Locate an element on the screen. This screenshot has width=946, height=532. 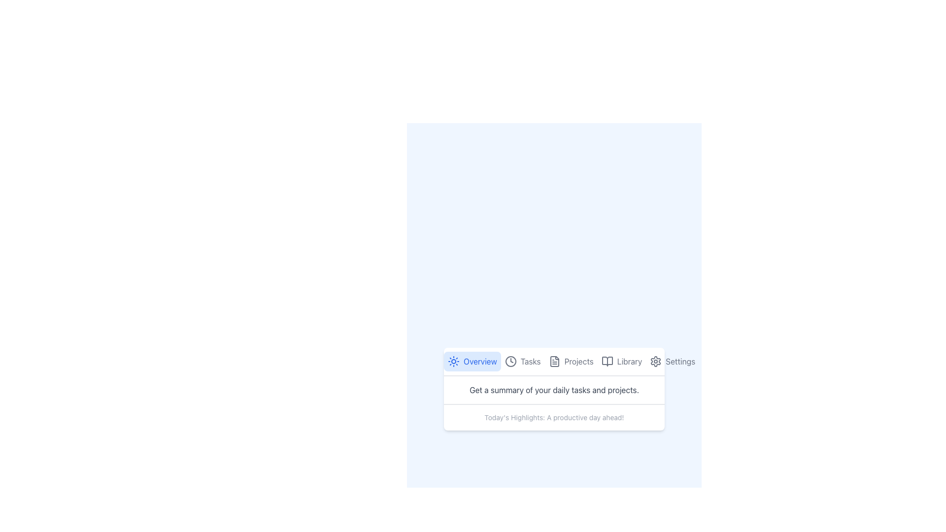
the grey button labeled 'Projects' with a document icon in the navigation bar is located at coordinates (571, 361).